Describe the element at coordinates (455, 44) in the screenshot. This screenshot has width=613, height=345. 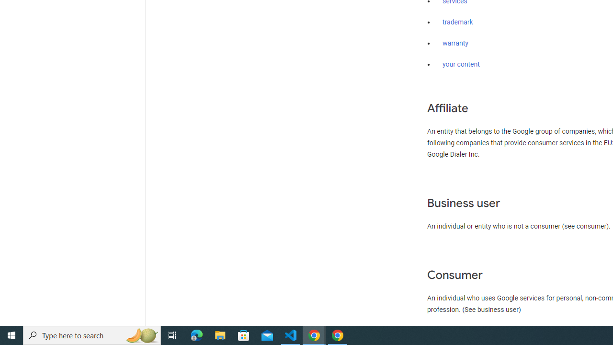
I see `'warranty'` at that location.